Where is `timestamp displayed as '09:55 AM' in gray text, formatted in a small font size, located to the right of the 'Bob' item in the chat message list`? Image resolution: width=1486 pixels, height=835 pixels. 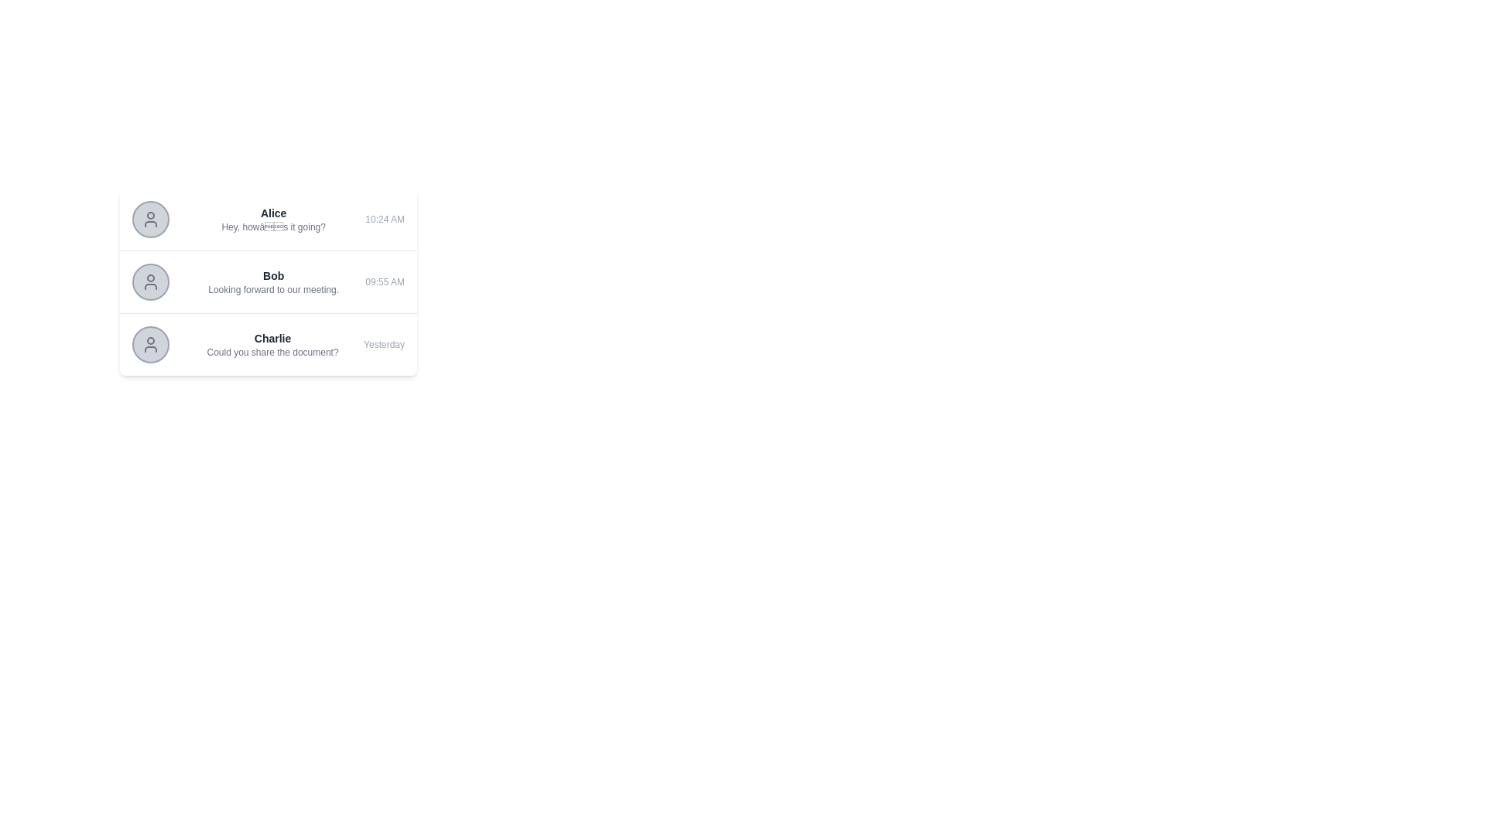 timestamp displayed as '09:55 AM' in gray text, formatted in a small font size, located to the right of the 'Bob' item in the chat message list is located at coordinates (385, 282).